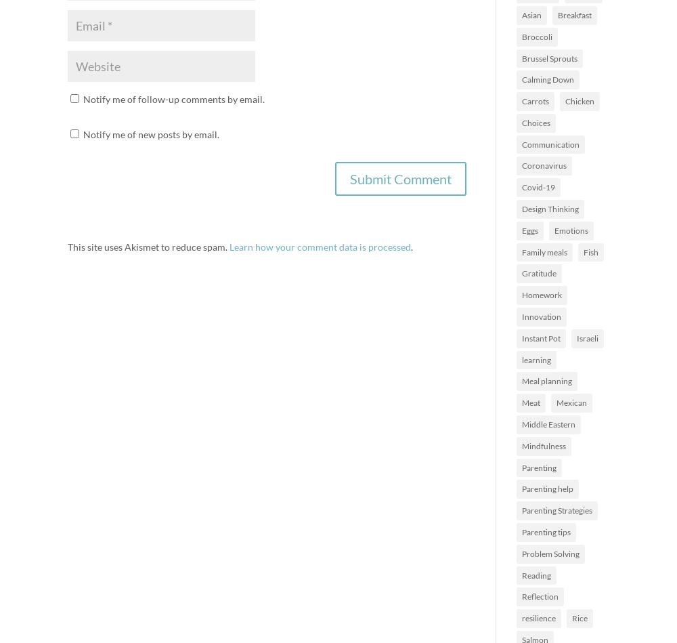 Image resolution: width=677 pixels, height=643 pixels. I want to click on 'Broccoli', so click(537, 36).